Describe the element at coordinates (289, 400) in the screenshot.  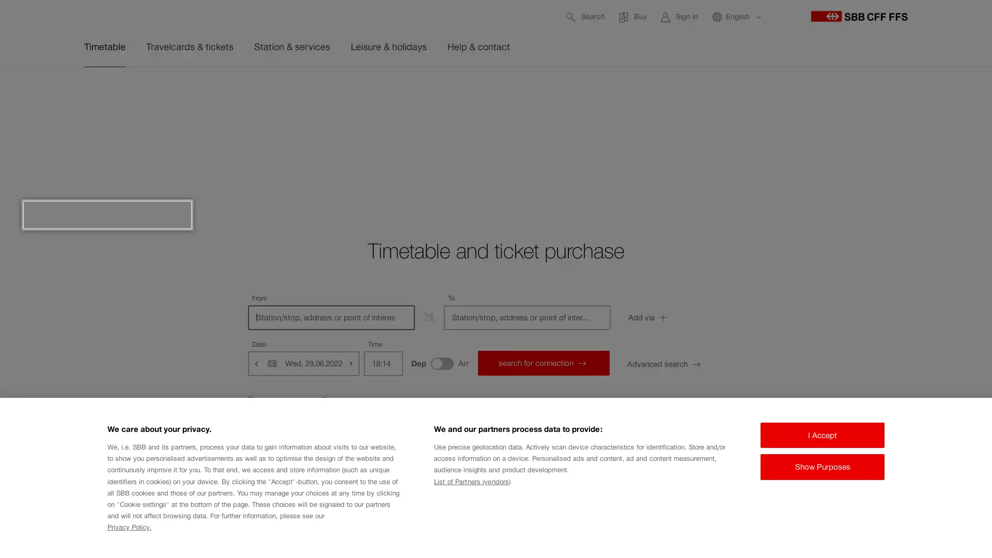
I see `Reset enquiry` at that location.